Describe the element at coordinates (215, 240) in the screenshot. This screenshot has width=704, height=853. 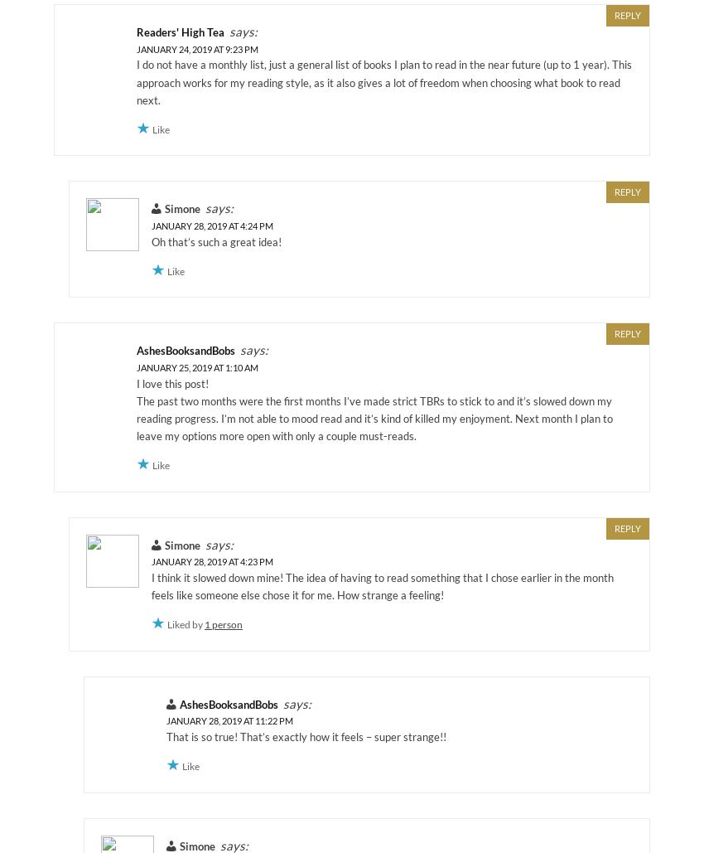
I see `'Oh that’s such a great idea!'` at that location.